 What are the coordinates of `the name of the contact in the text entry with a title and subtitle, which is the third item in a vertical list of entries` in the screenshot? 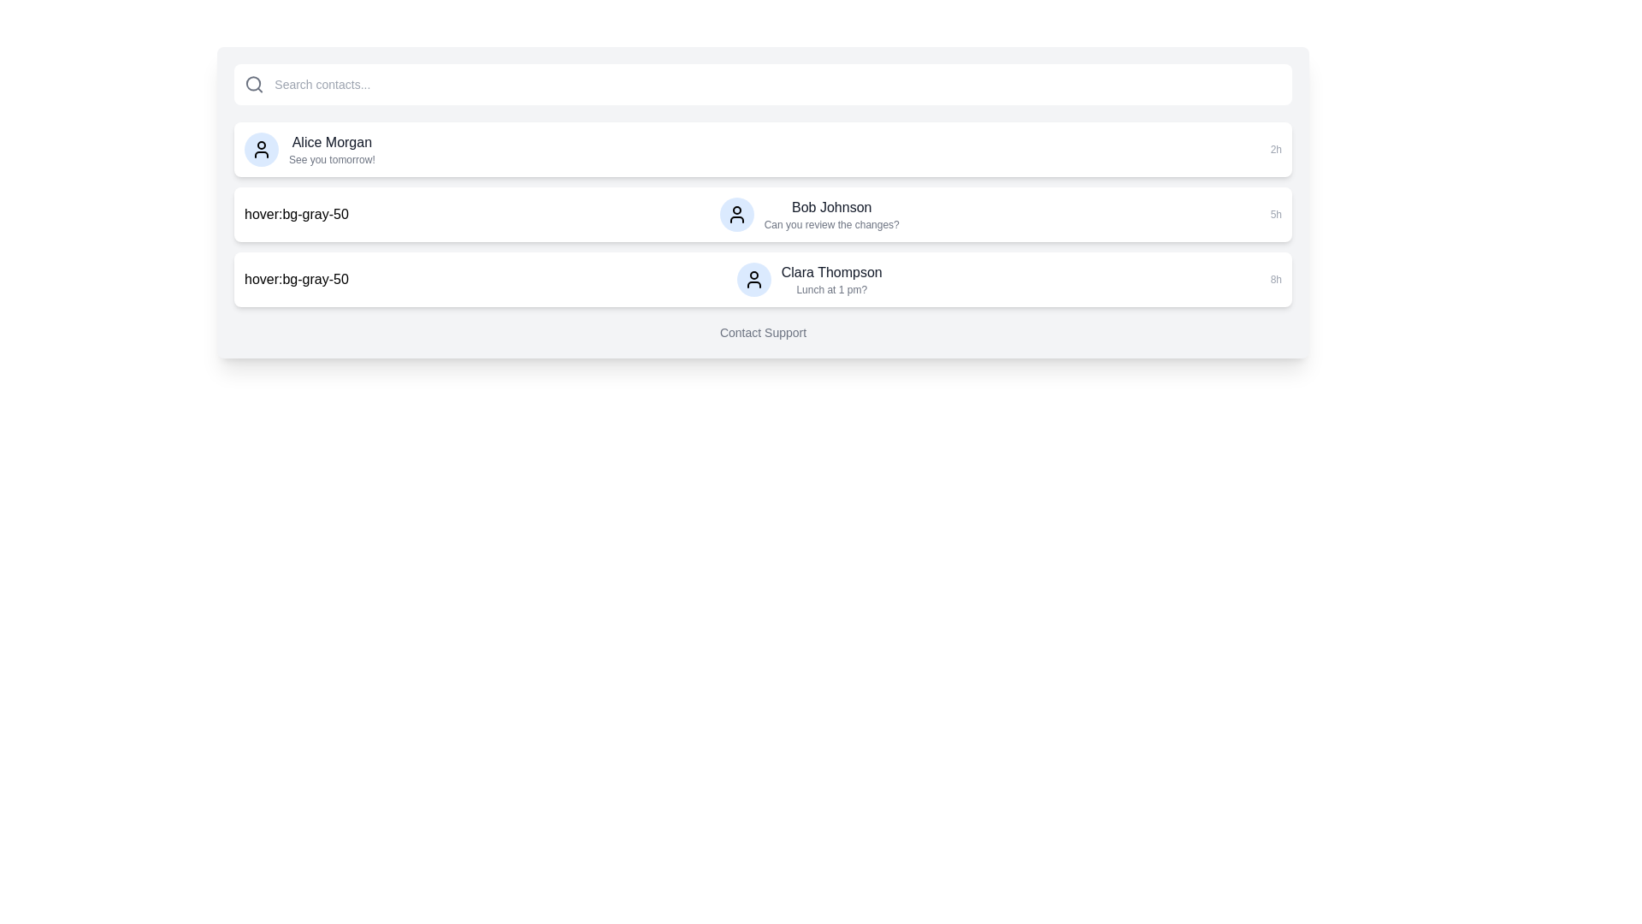 It's located at (831, 279).